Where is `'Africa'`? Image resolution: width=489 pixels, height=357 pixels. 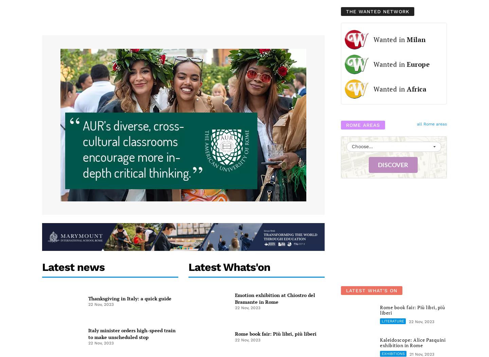
'Africa' is located at coordinates (416, 88).